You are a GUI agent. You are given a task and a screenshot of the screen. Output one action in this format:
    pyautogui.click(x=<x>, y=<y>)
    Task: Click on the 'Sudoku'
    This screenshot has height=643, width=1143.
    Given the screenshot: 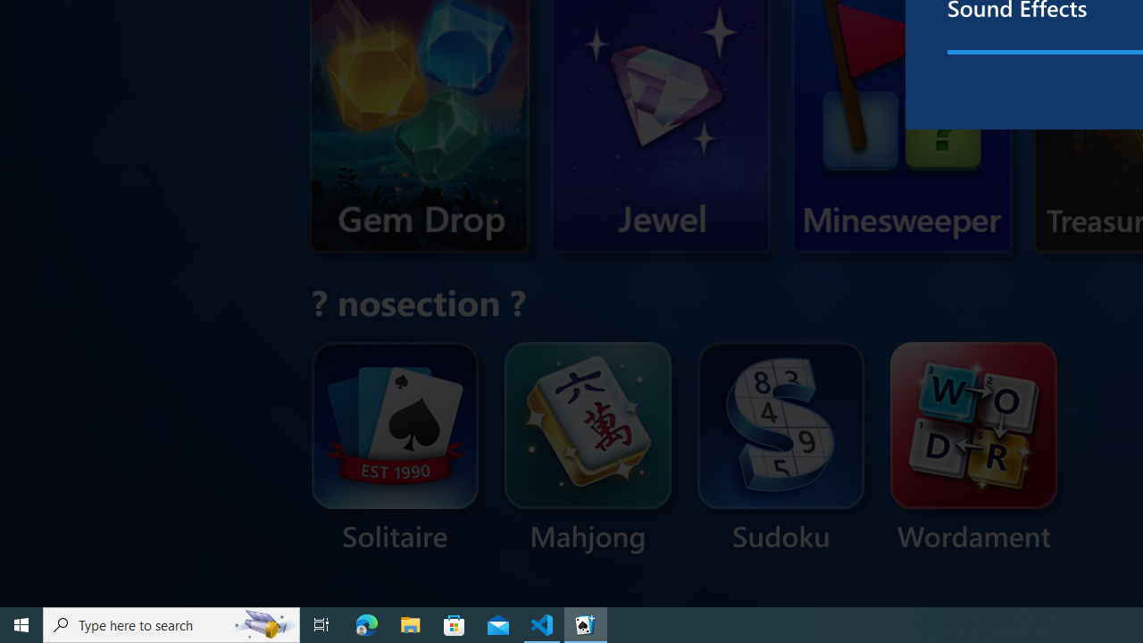 What is the action you would take?
    pyautogui.click(x=781, y=447)
    